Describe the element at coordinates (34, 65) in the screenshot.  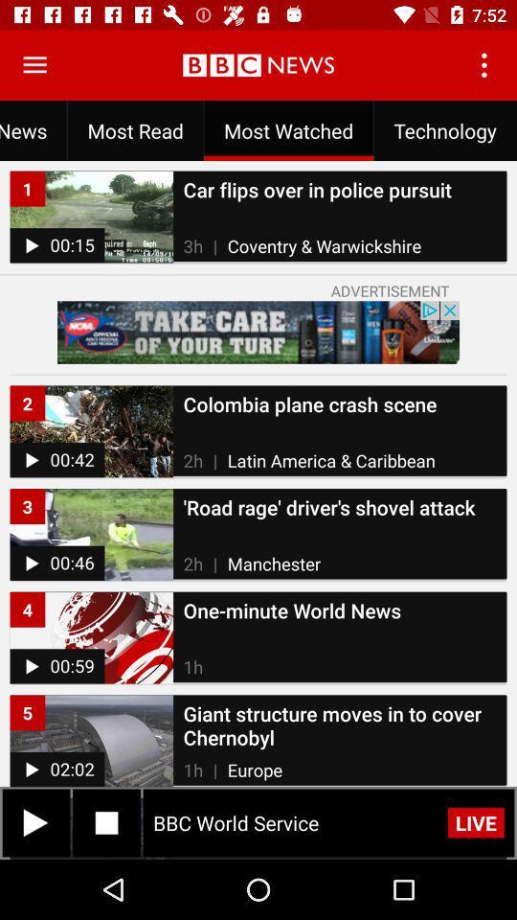
I see `menu` at that location.